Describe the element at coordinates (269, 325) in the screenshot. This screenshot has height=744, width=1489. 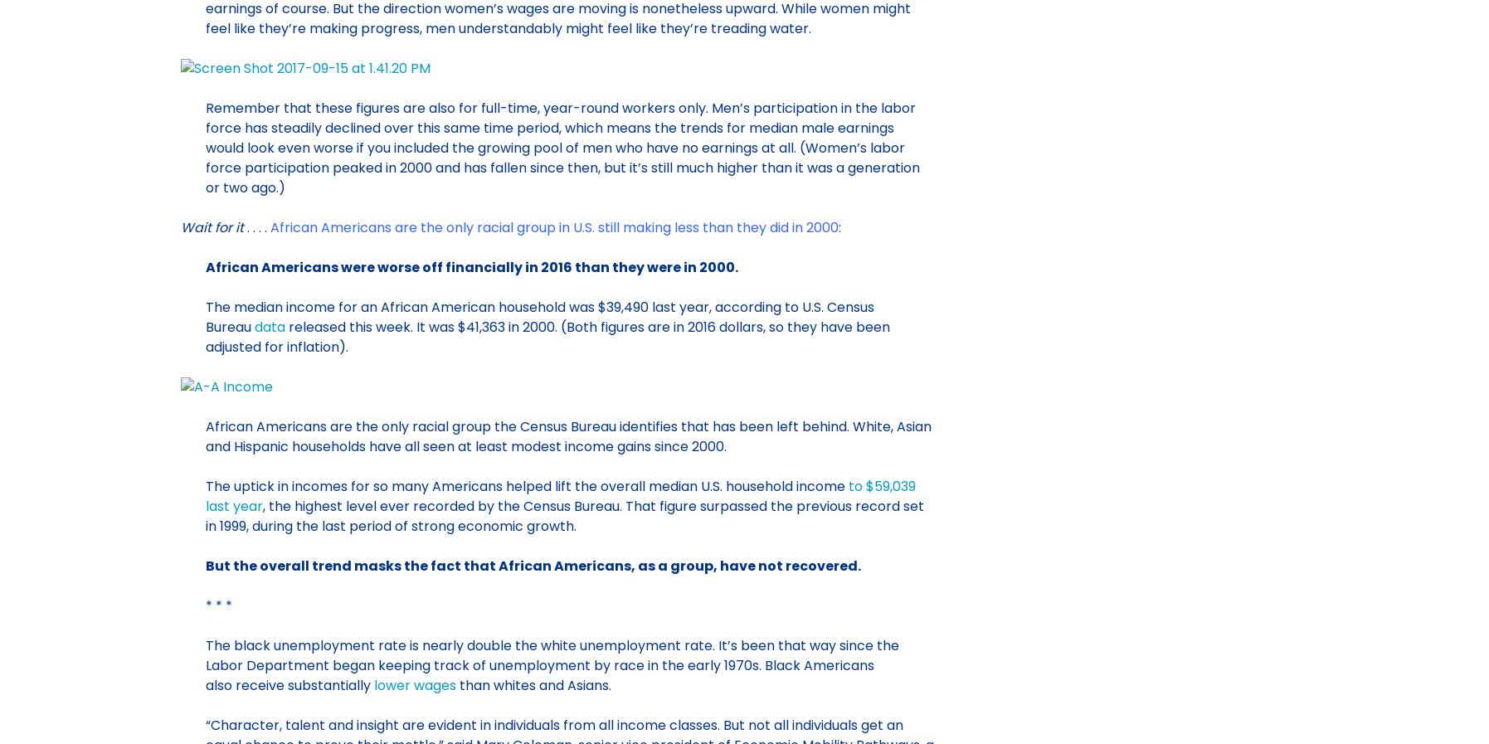
I see `'data'` at that location.